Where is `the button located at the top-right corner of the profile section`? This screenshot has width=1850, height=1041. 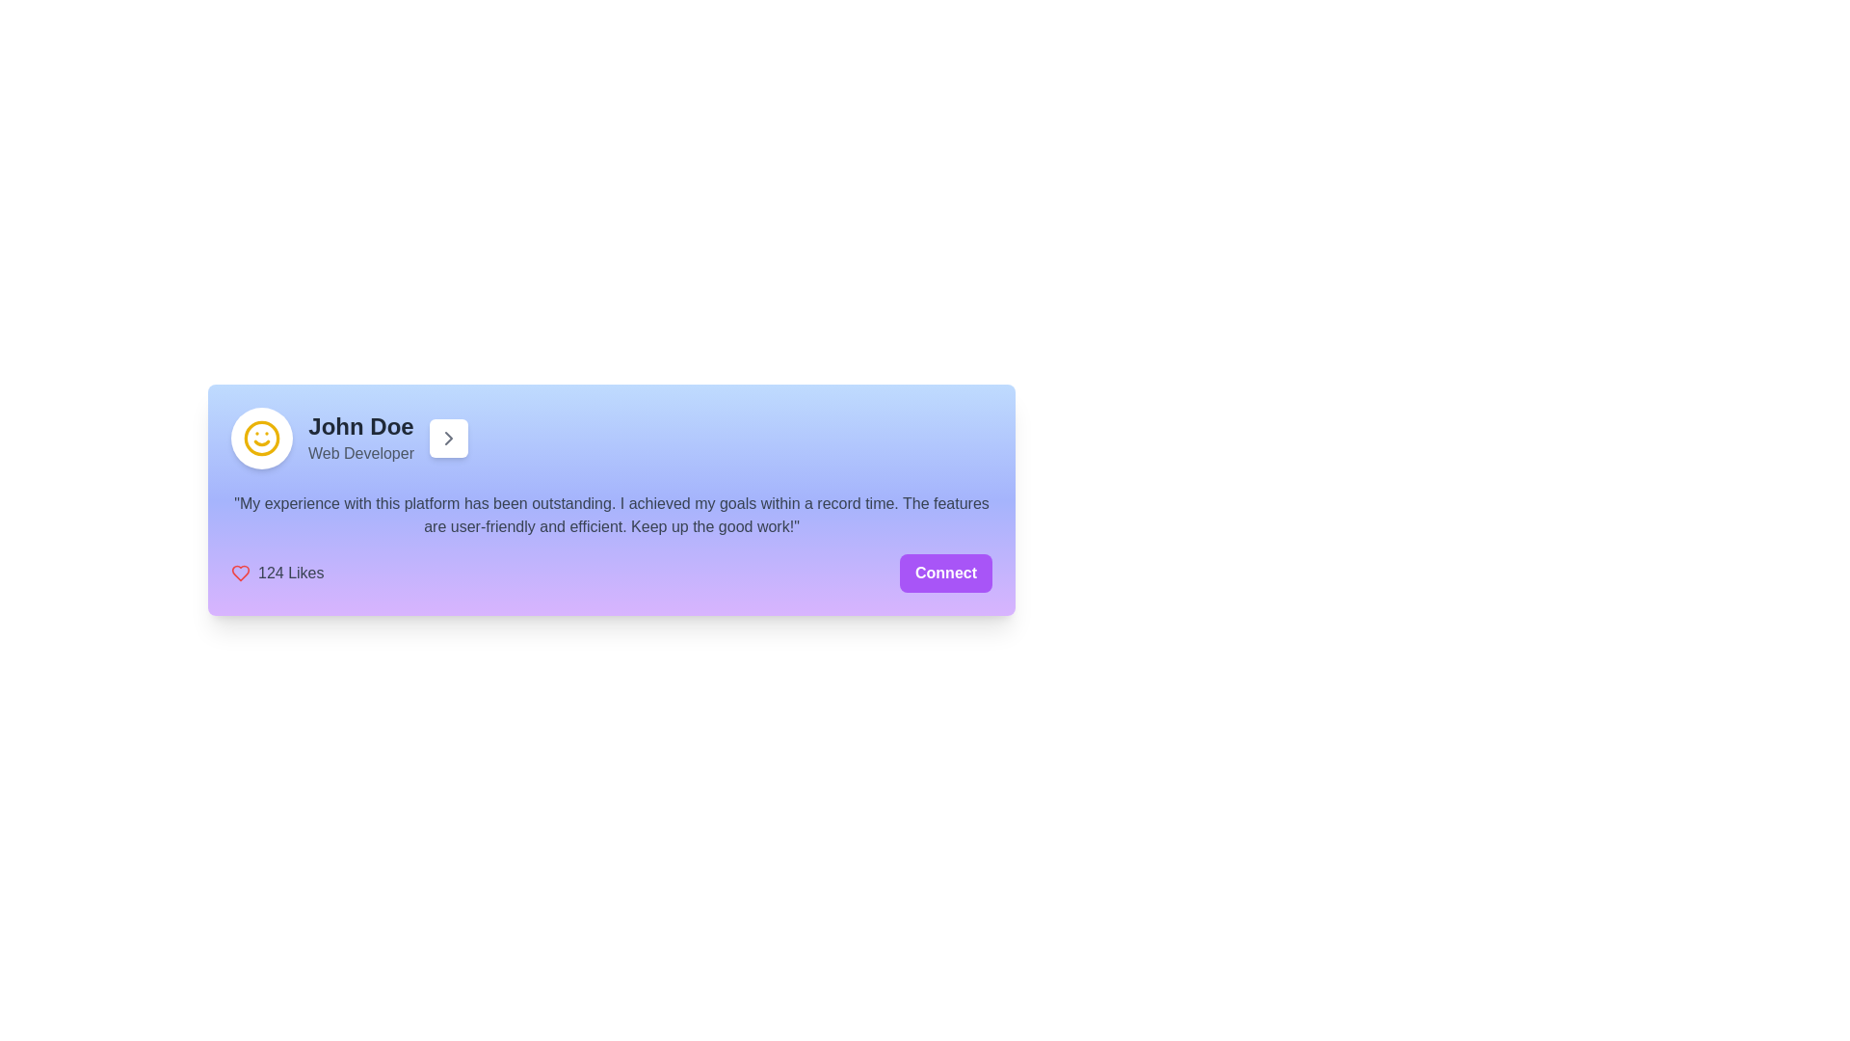 the button located at the top-right corner of the profile section is located at coordinates (447, 439).